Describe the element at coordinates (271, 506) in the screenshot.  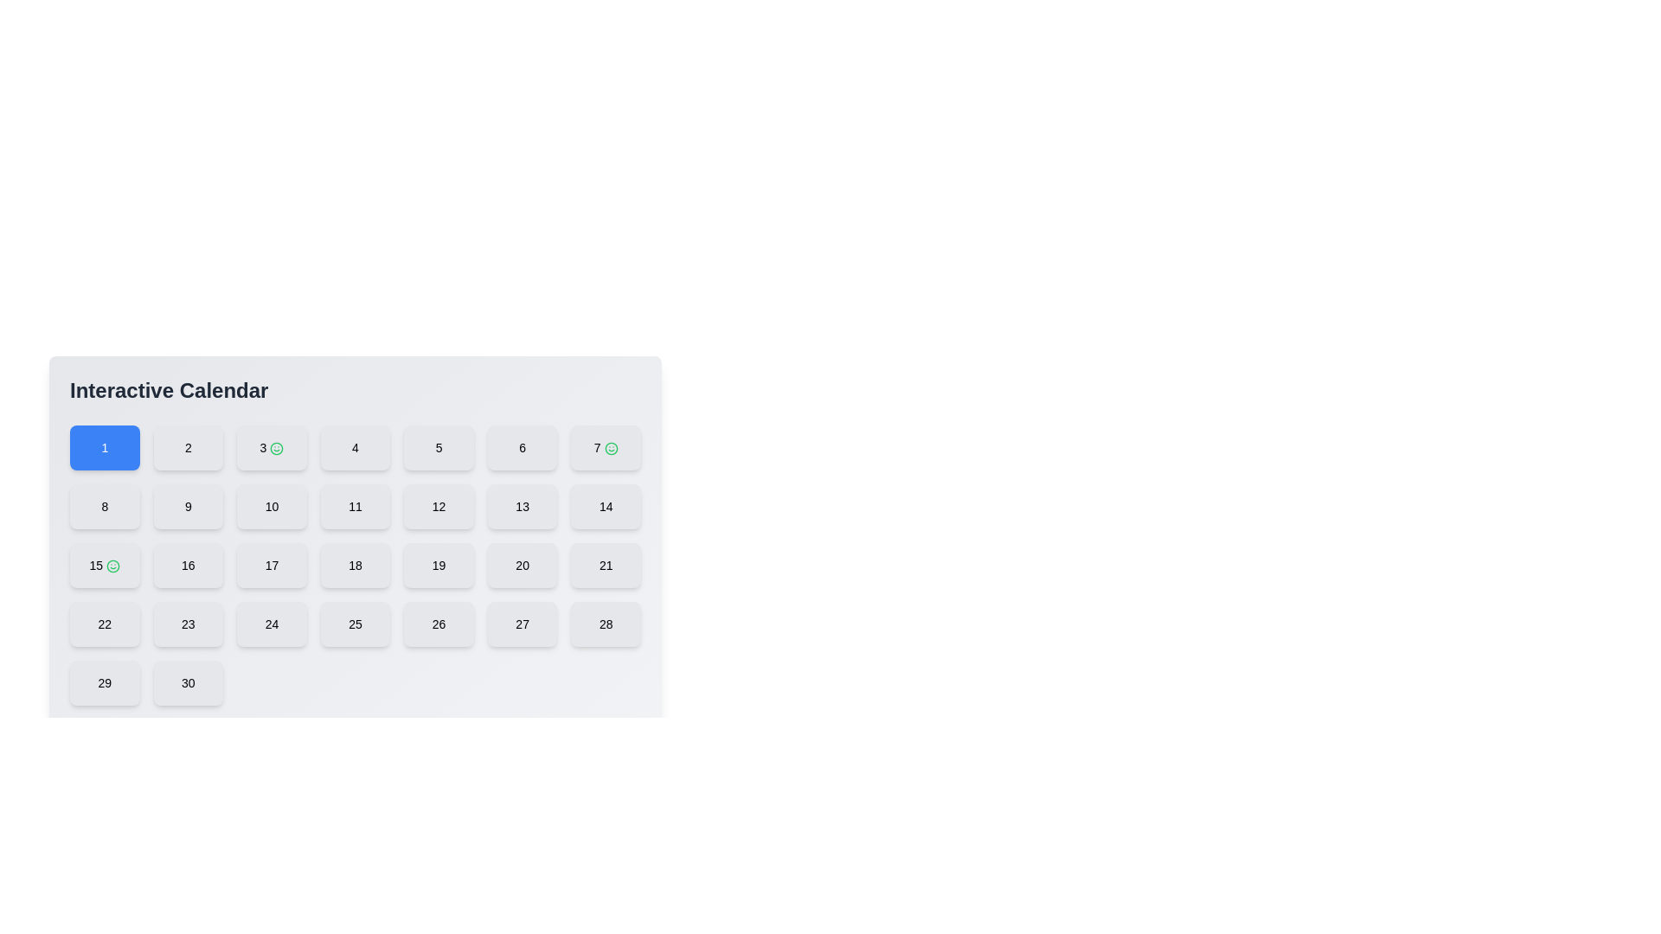
I see `the button representing the 10th day in the calendar interface` at that location.